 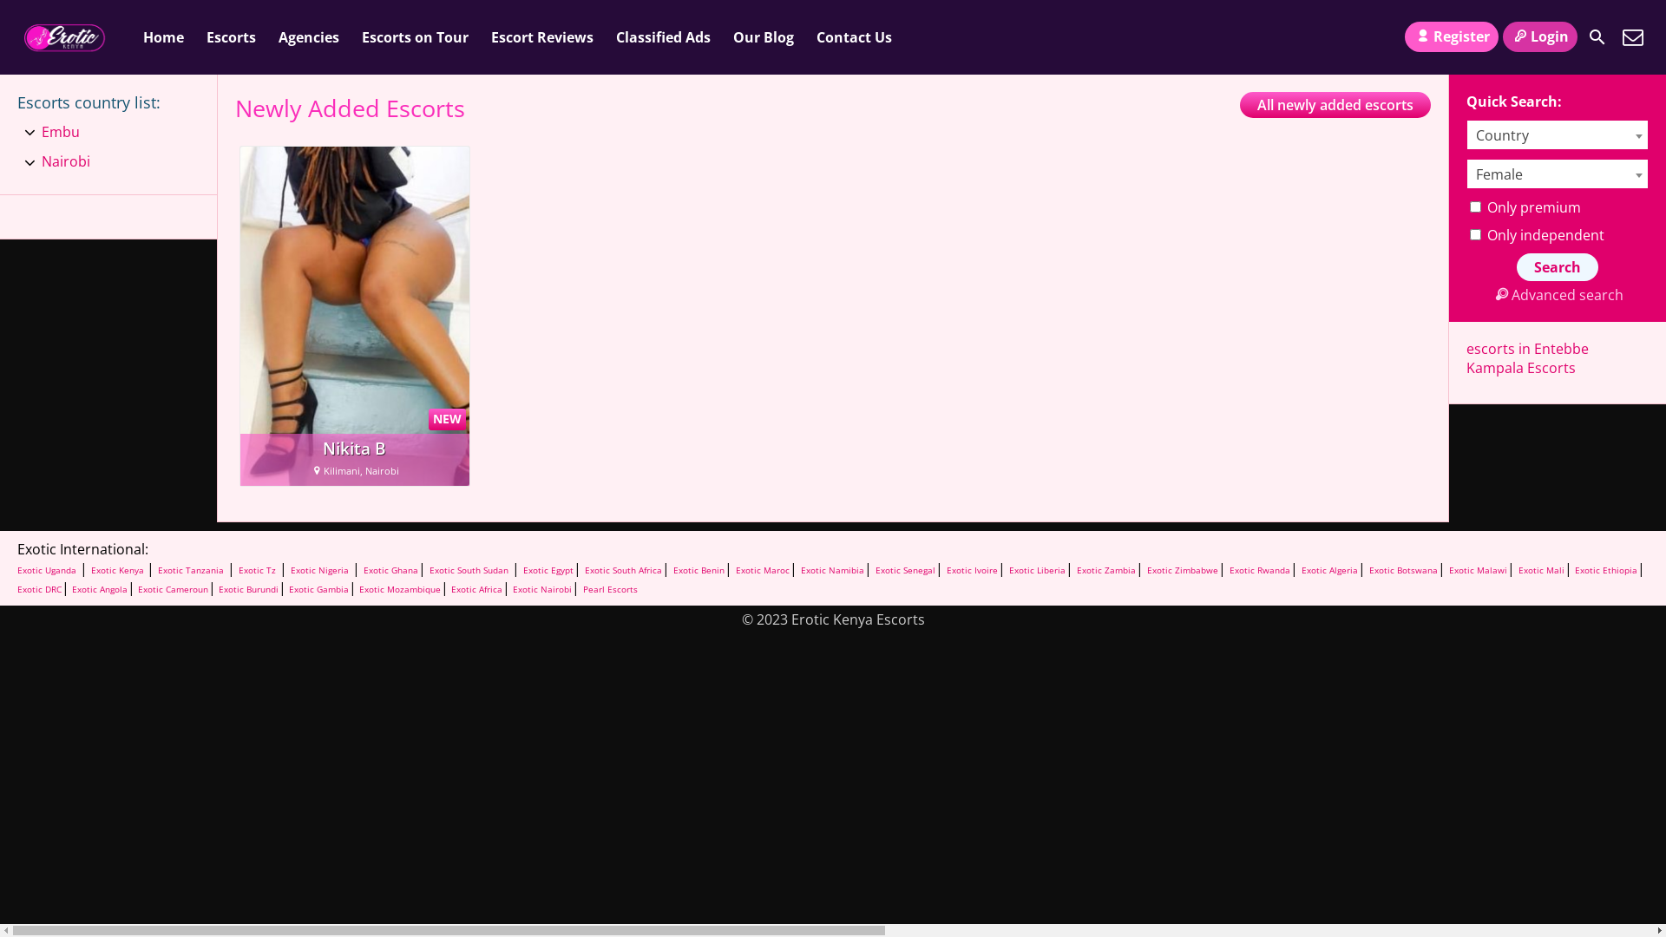 What do you see at coordinates (1260, 569) in the screenshot?
I see `'Exotic Rwanda'` at bounding box center [1260, 569].